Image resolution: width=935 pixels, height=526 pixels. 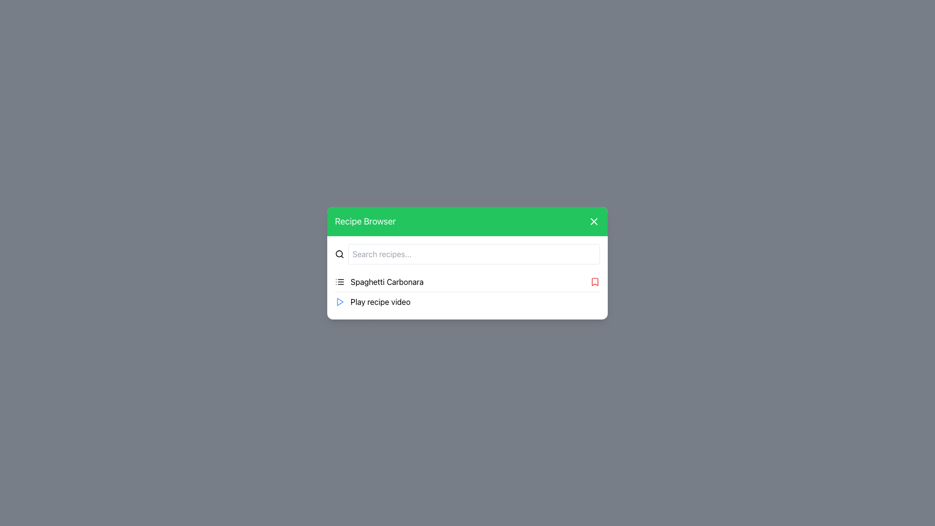 What do you see at coordinates (378, 282) in the screenshot?
I see `the 'Spaghetti Carbonara' text label` at bounding box center [378, 282].